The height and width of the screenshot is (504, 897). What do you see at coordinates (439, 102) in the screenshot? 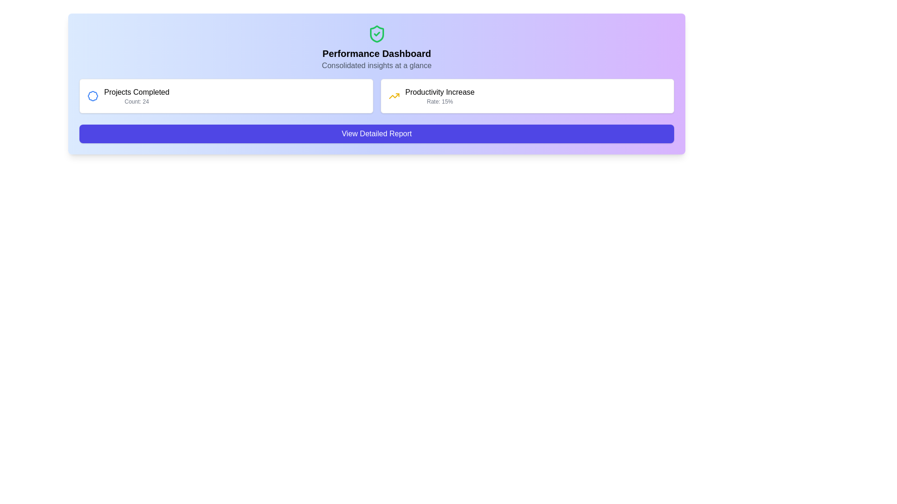
I see `the text label displaying 'Rate: 15%' which is styled in gray and located beneath the 'Productivity Increase' heading on the right-side card of the performance dashboard` at bounding box center [439, 102].